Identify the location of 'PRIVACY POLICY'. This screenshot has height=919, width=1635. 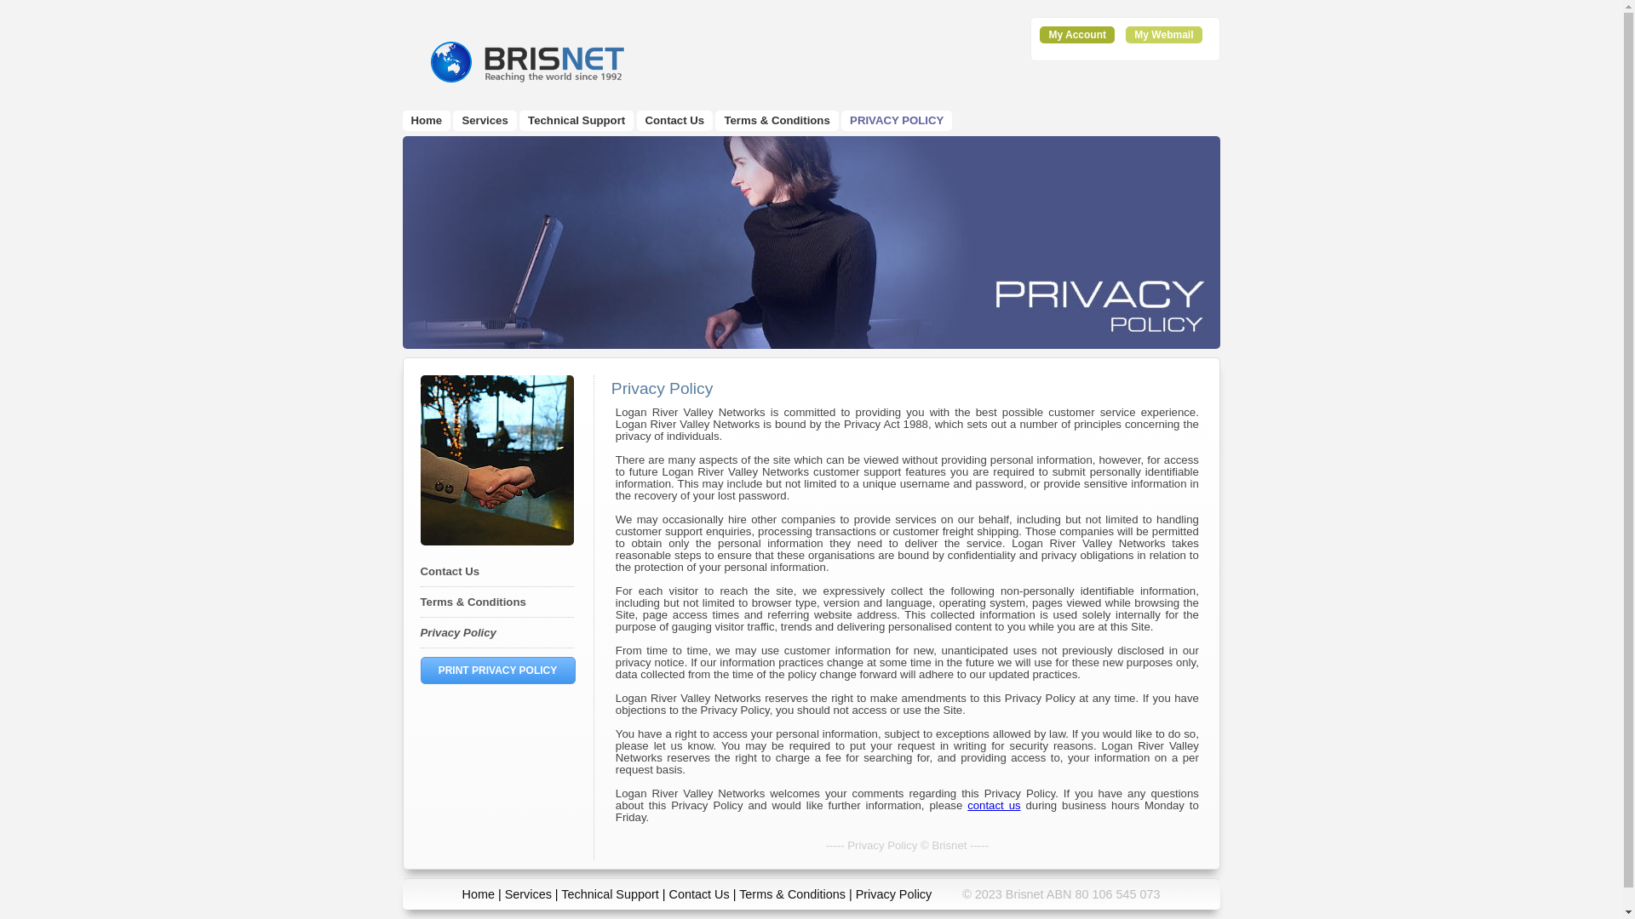
(895, 119).